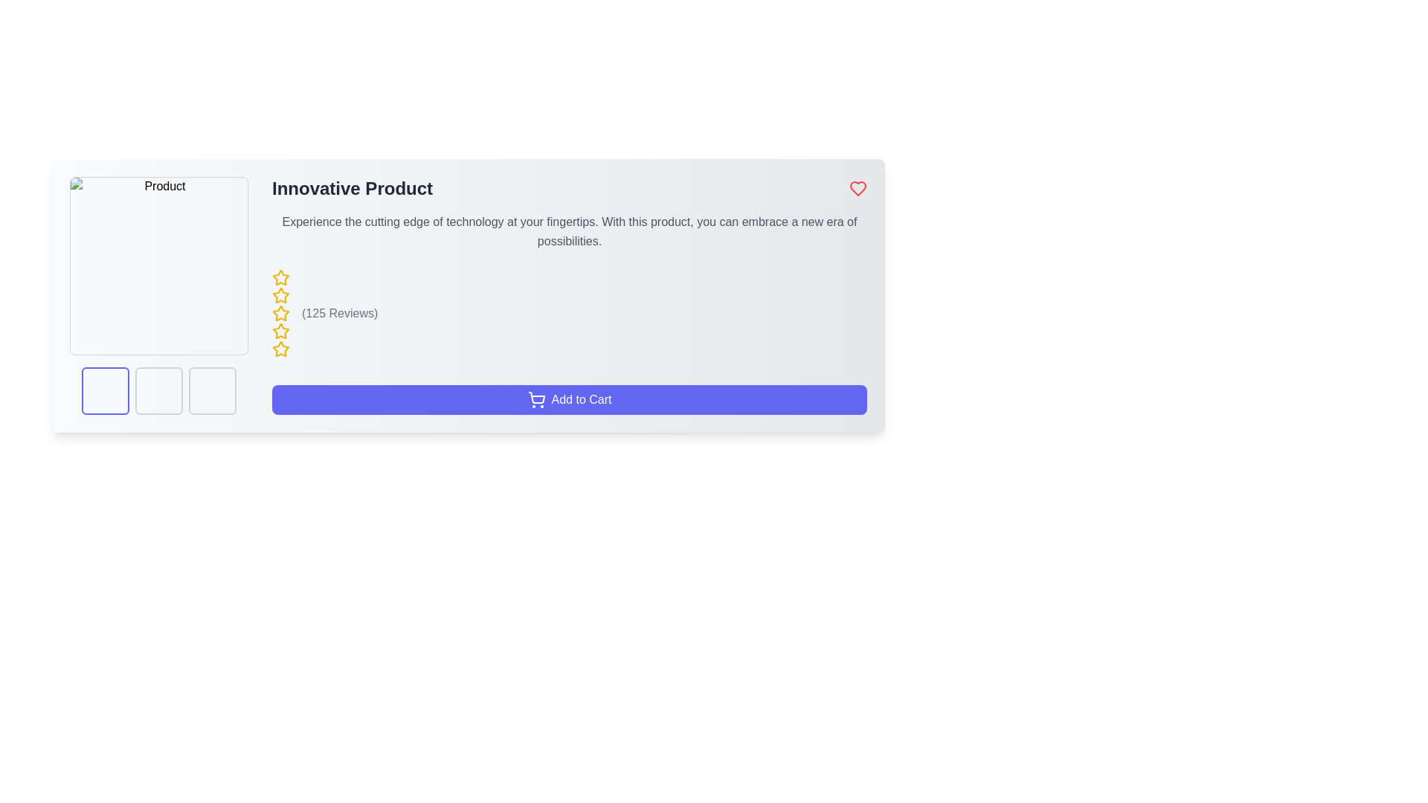 The width and height of the screenshot is (1428, 803). Describe the element at coordinates (212, 390) in the screenshot. I see `the rightmost square box in the group of three options below the product image and title` at that location.